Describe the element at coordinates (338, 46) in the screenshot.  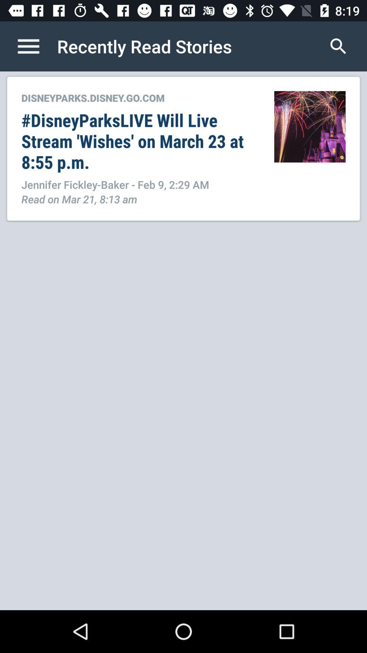
I see `the item next to recently read stories item` at that location.